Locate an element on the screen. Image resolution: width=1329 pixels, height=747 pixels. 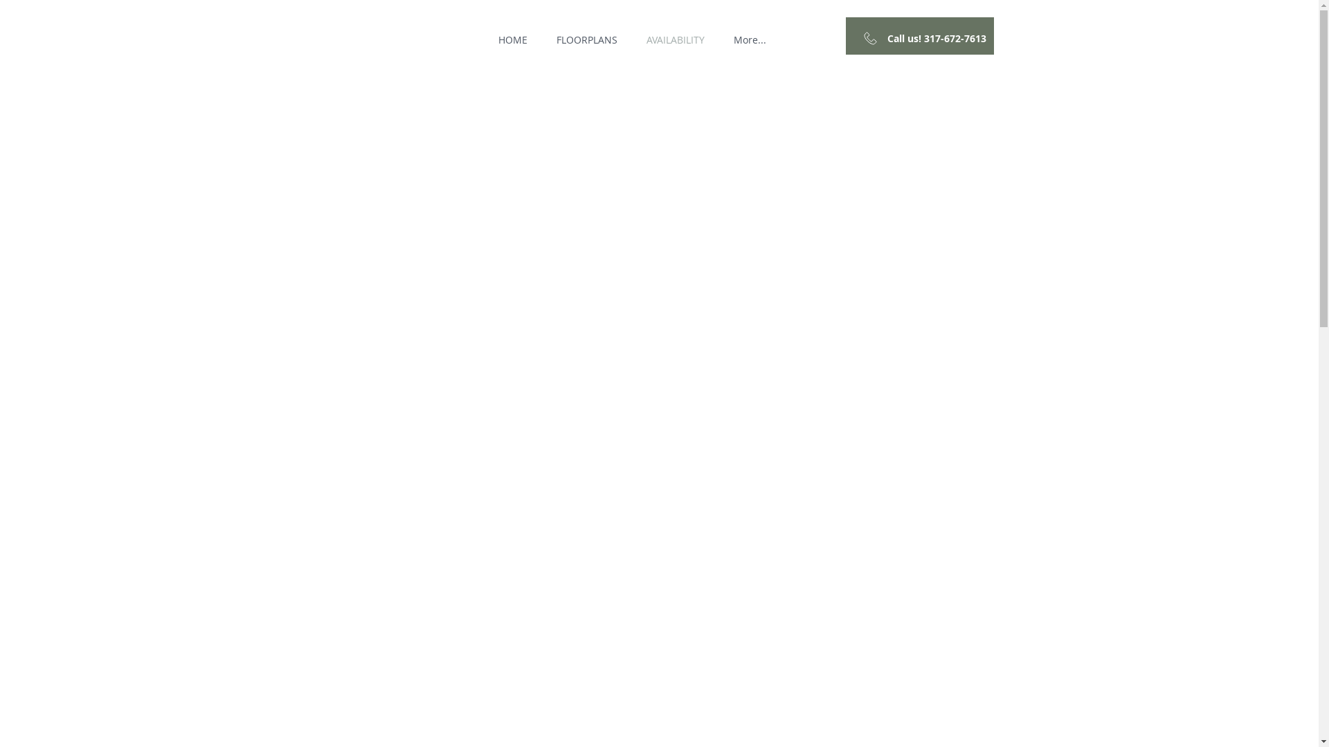
'FLOORPLANS' is located at coordinates (586, 39).